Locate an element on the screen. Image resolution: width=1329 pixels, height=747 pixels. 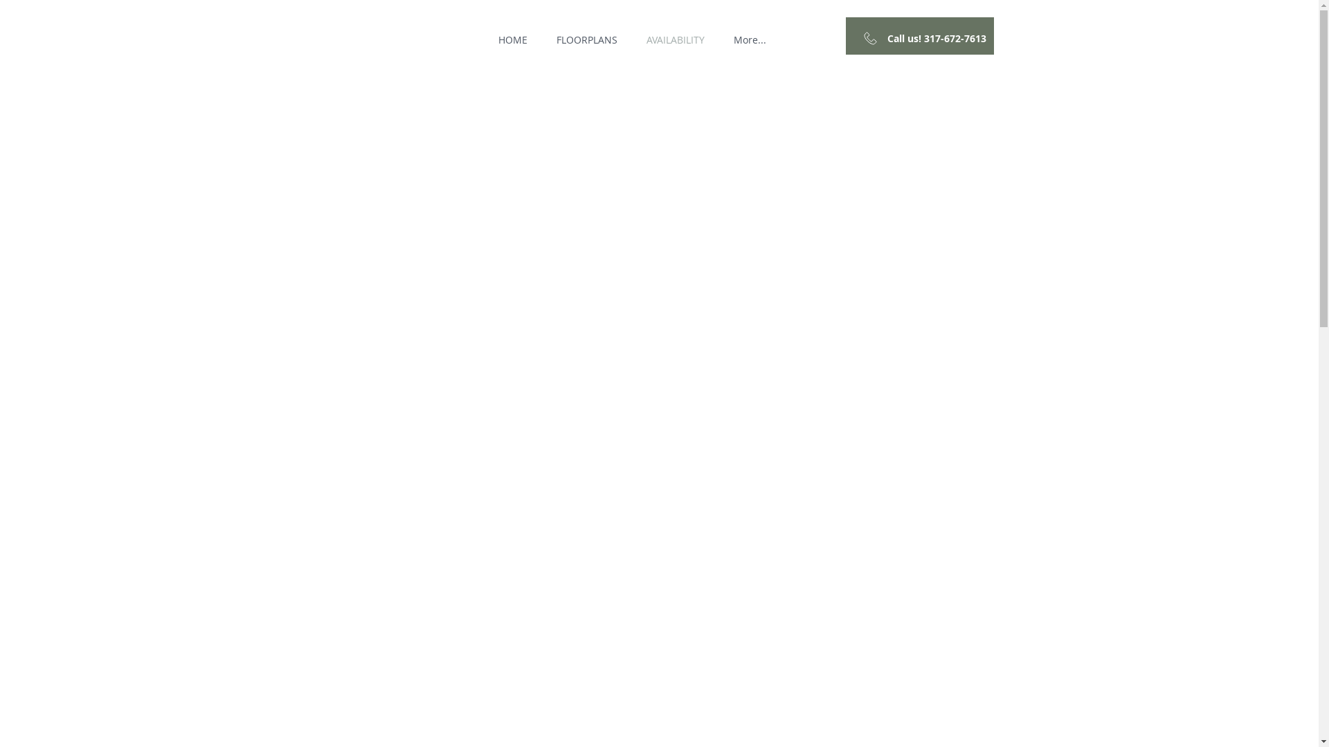
'FLOORPLANS' is located at coordinates (586, 39).